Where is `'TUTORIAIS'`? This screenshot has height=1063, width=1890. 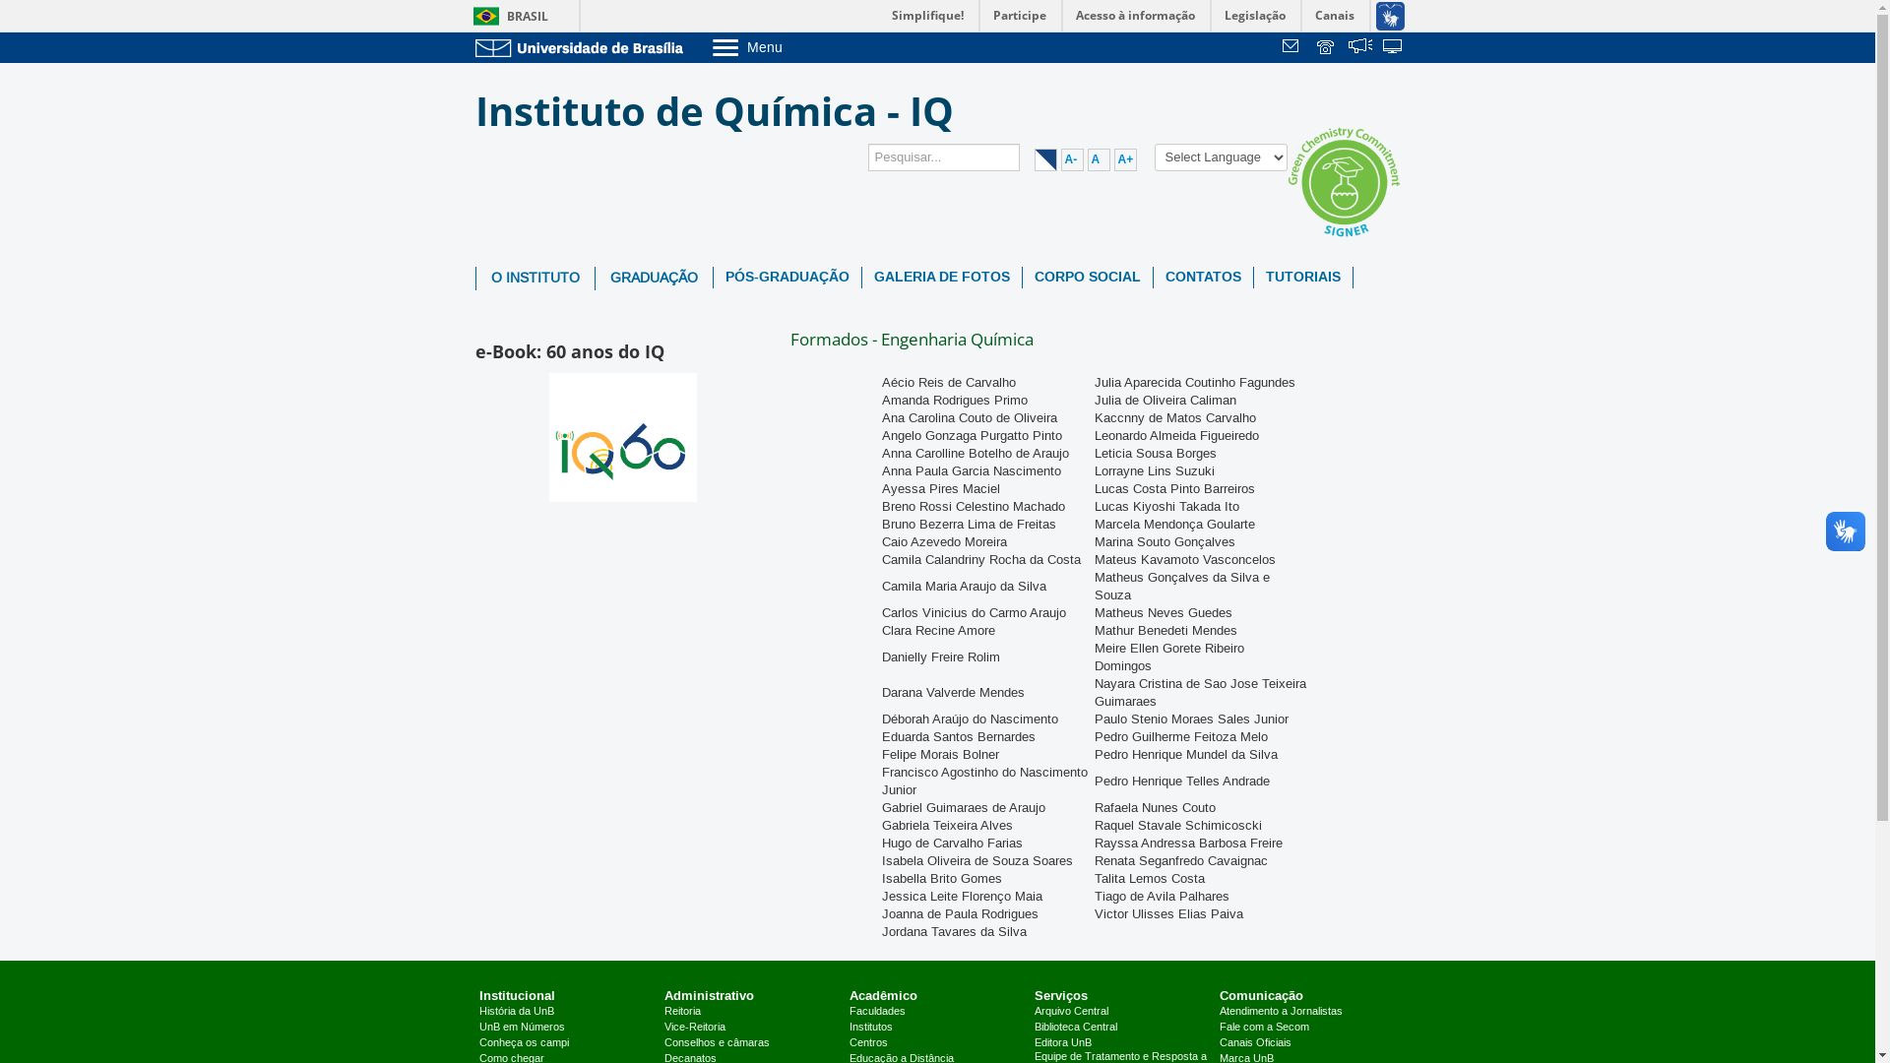 'TUTORIAIS' is located at coordinates (1252, 277).